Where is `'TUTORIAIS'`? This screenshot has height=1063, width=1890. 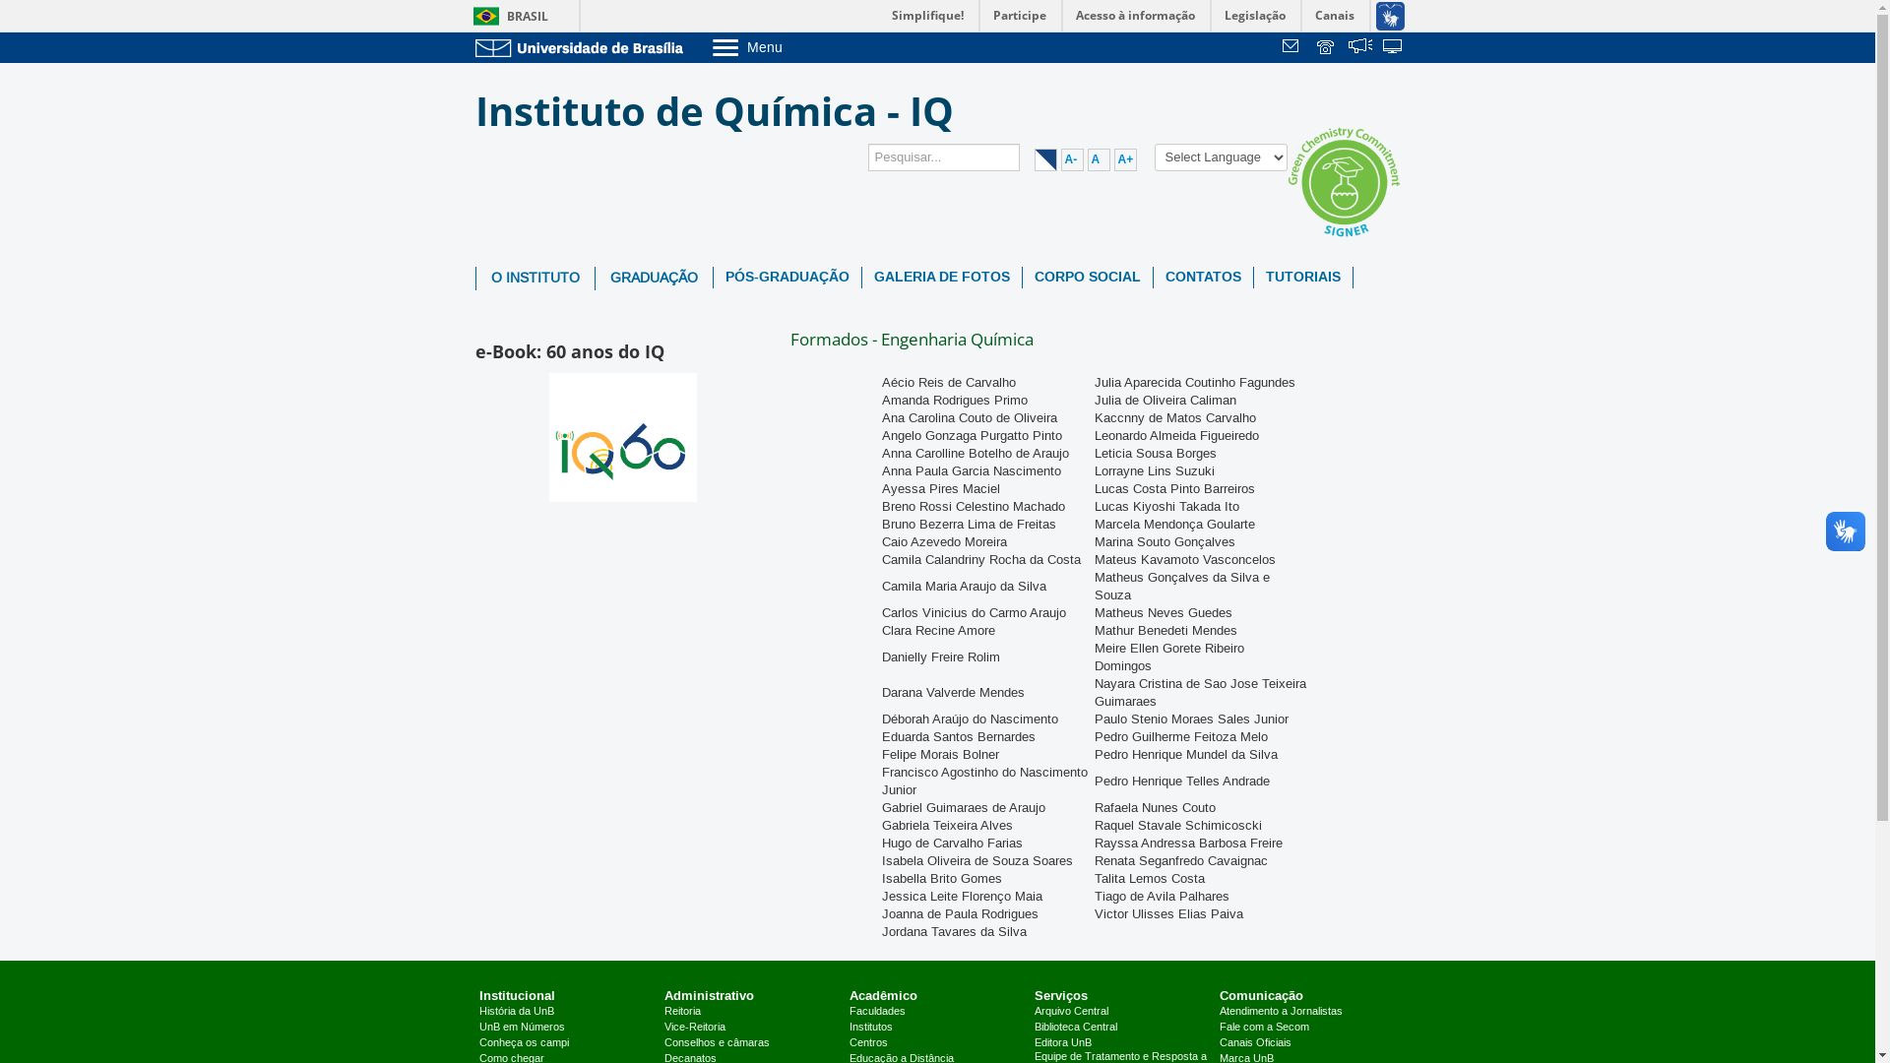 'TUTORIAIS' is located at coordinates (1252, 277).